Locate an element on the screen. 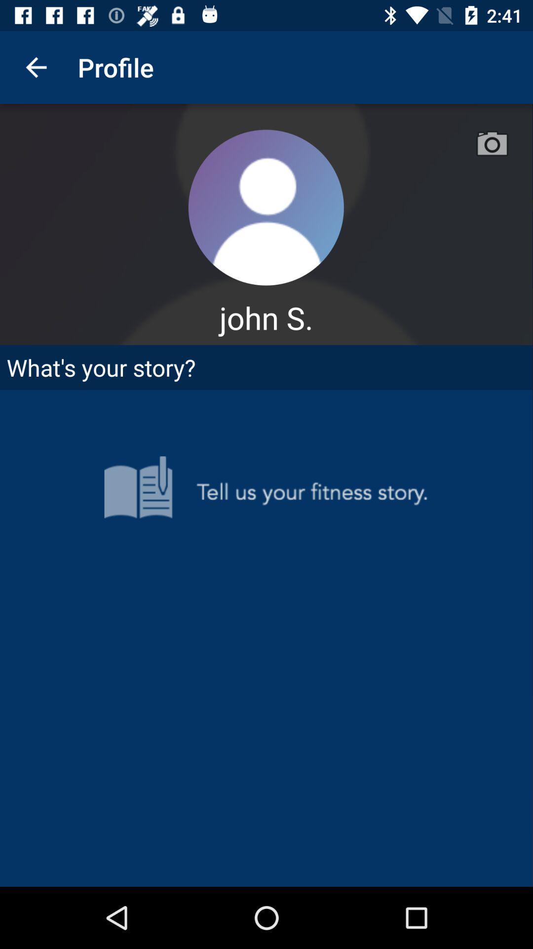 The image size is (533, 949). user image is located at coordinates (266, 207).